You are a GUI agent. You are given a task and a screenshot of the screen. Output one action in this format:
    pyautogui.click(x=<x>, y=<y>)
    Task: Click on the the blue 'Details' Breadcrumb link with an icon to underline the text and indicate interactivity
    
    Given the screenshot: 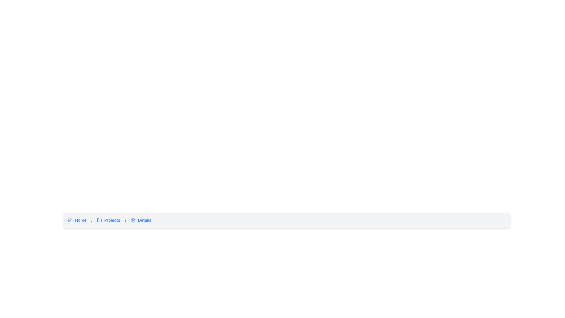 What is the action you would take?
    pyautogui.click(x=141, y=220)
    